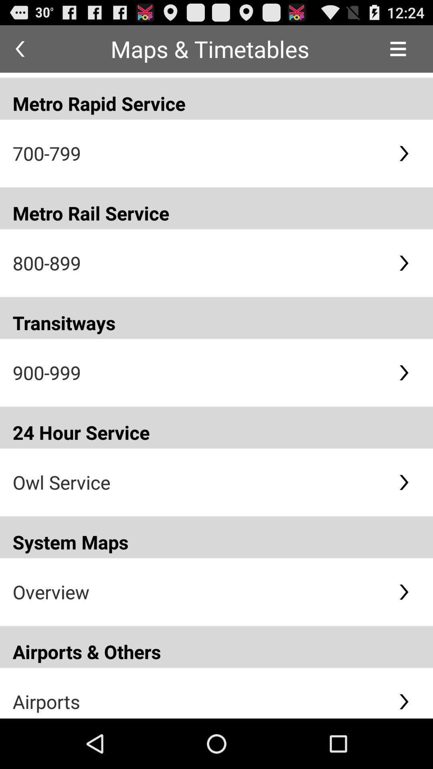  What do you see at coordinates (398, 48) in the screenshot?
I see `the icon to the right of maps & timetables icon` at bounding box center [398, 48].